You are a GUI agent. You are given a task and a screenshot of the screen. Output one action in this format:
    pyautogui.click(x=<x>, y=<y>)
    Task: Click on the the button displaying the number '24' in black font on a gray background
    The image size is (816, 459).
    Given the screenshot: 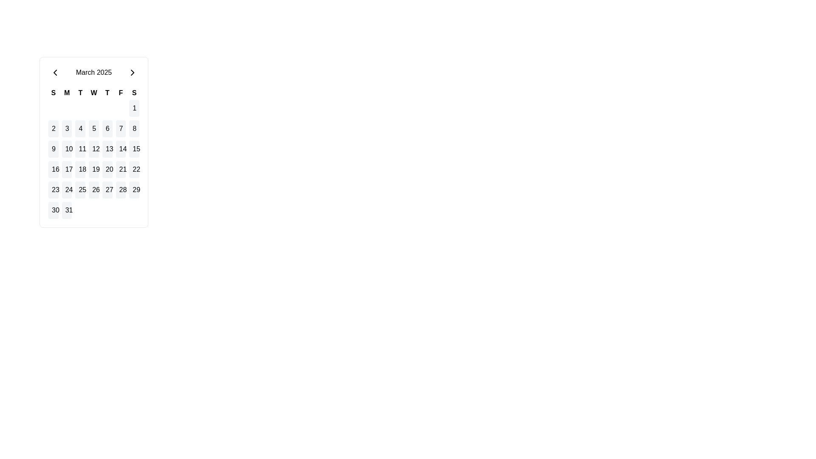 What is the action you would take?
    pyautogui.click(x=66, y=190)
    